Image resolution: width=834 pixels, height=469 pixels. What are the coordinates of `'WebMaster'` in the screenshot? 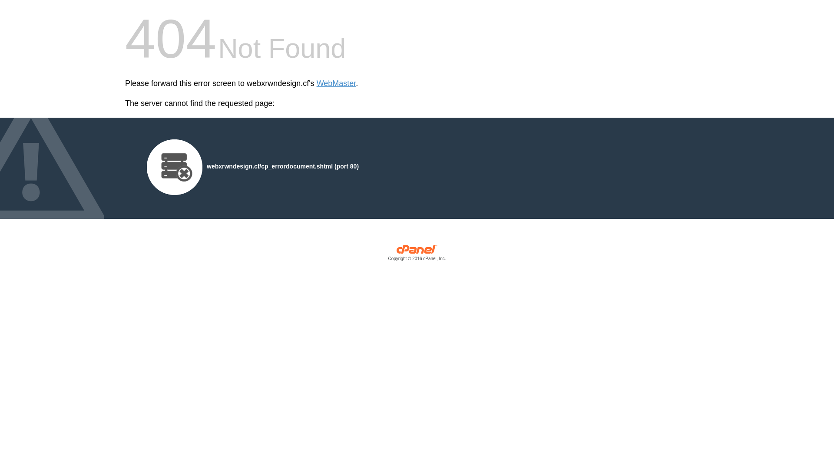 It's located at (316, 83).